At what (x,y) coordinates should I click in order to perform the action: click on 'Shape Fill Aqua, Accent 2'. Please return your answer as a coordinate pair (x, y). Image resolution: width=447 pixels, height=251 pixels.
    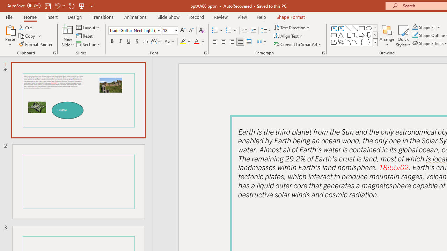
    Looking at the image, I should click on (415, 27).